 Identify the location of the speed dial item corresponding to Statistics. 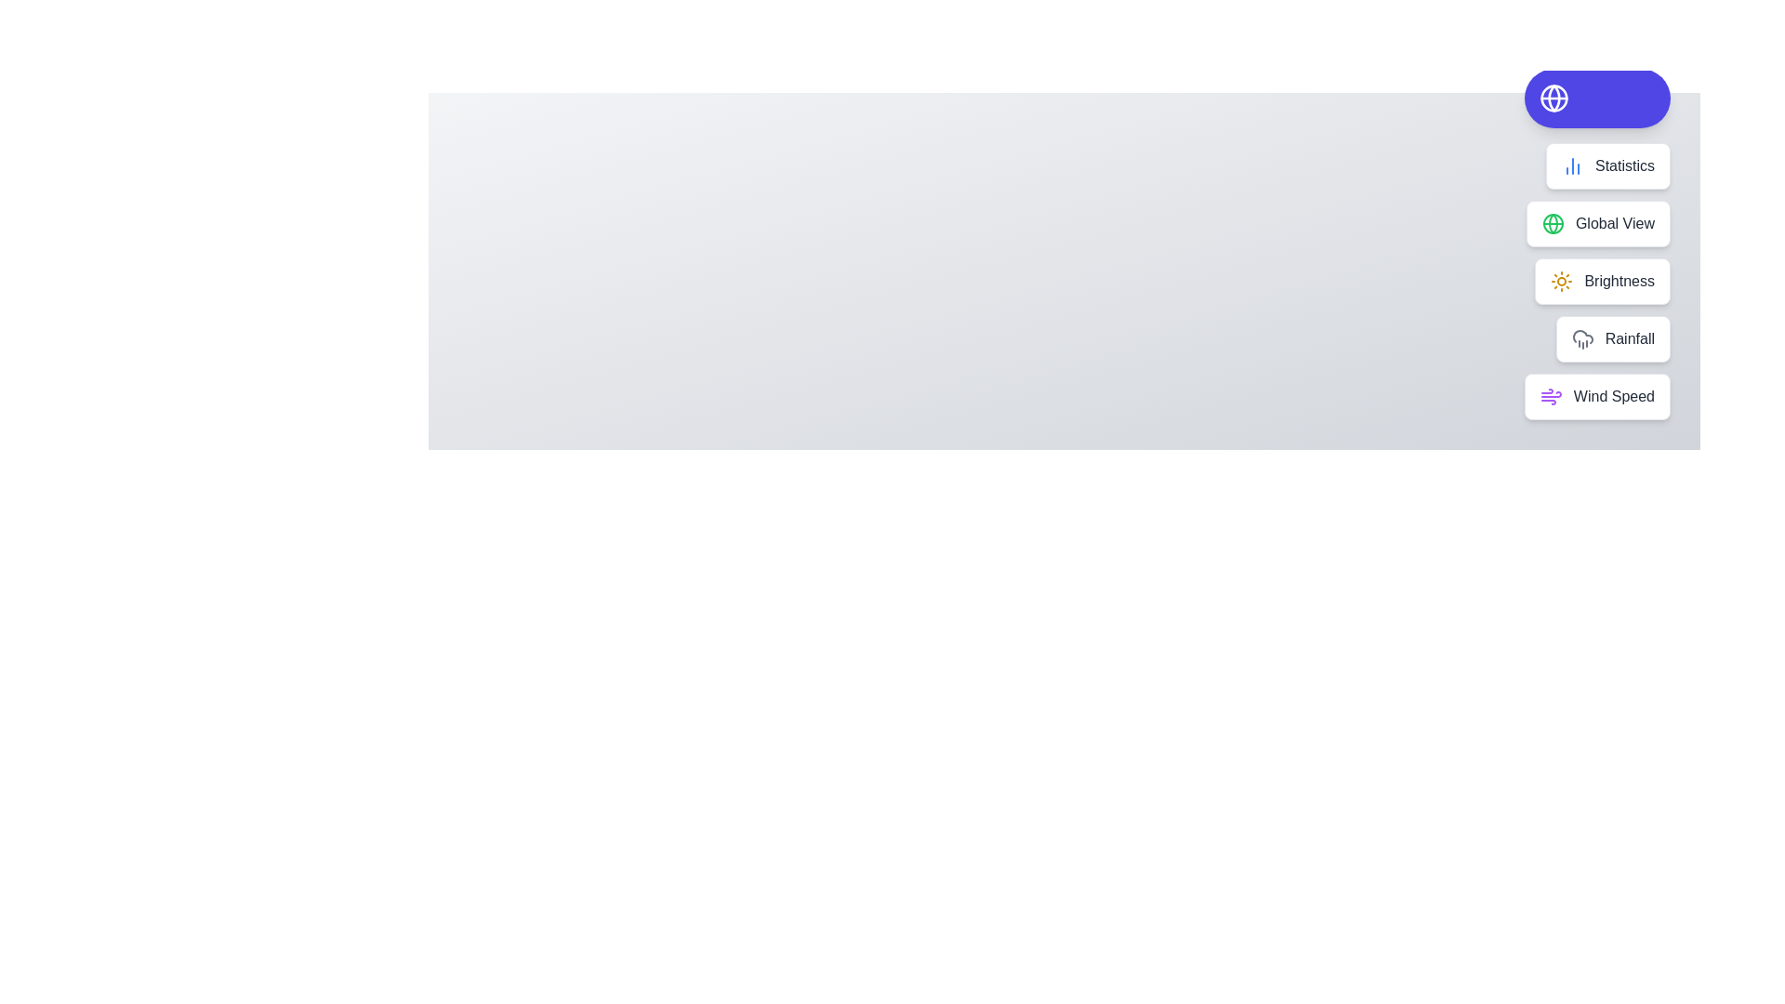
(1606, 165).